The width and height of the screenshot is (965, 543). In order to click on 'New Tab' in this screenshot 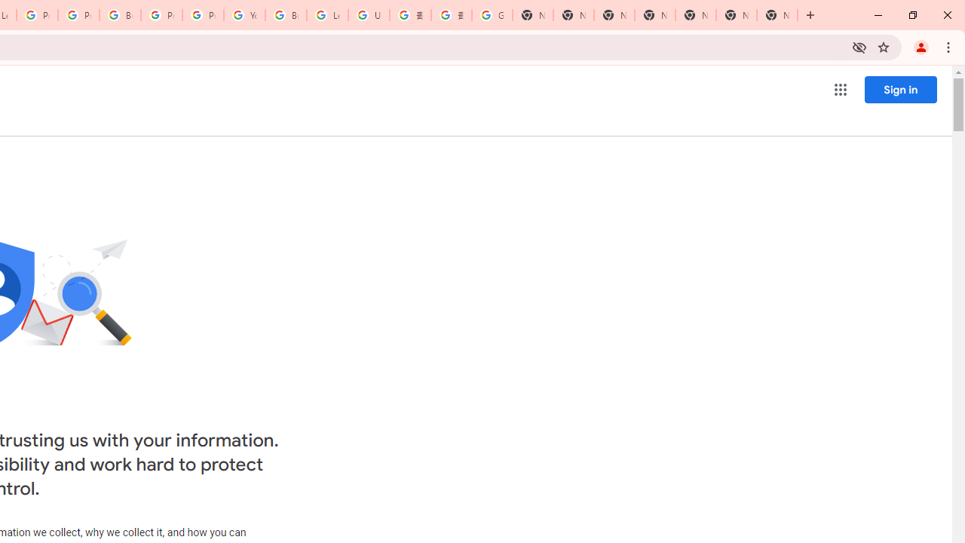, I will do `click(777, 15)`.